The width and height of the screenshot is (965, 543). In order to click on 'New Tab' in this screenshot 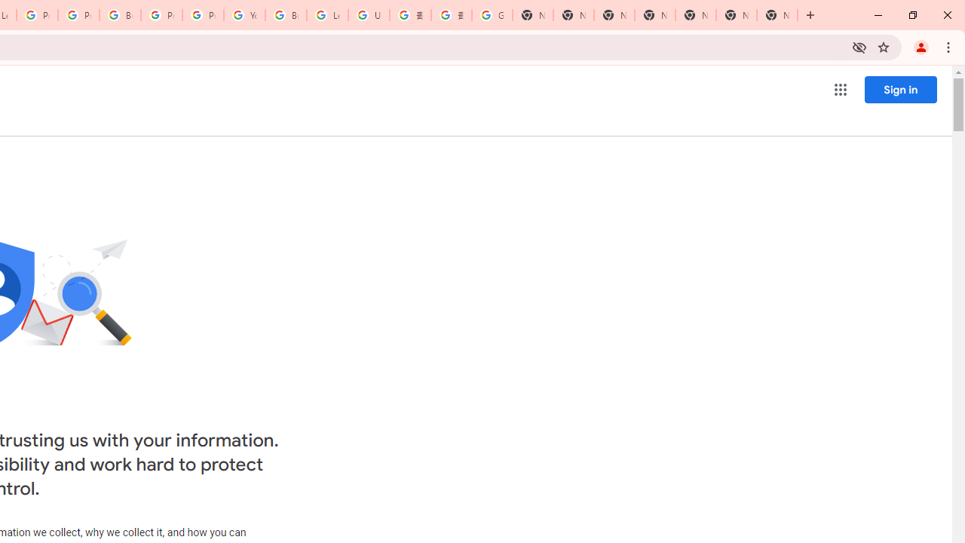, I will do `click(777, 15)`.